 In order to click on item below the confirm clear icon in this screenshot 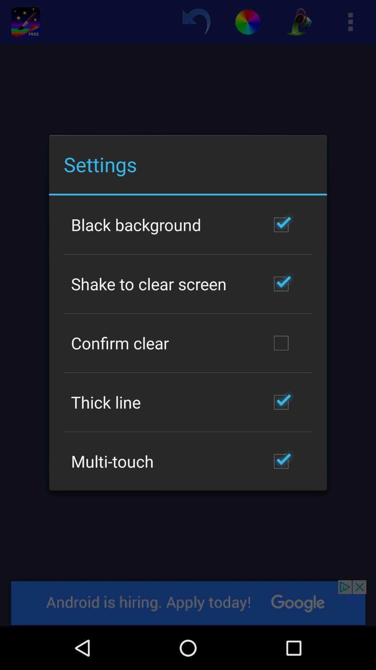, I will do `click(106, 402)`.